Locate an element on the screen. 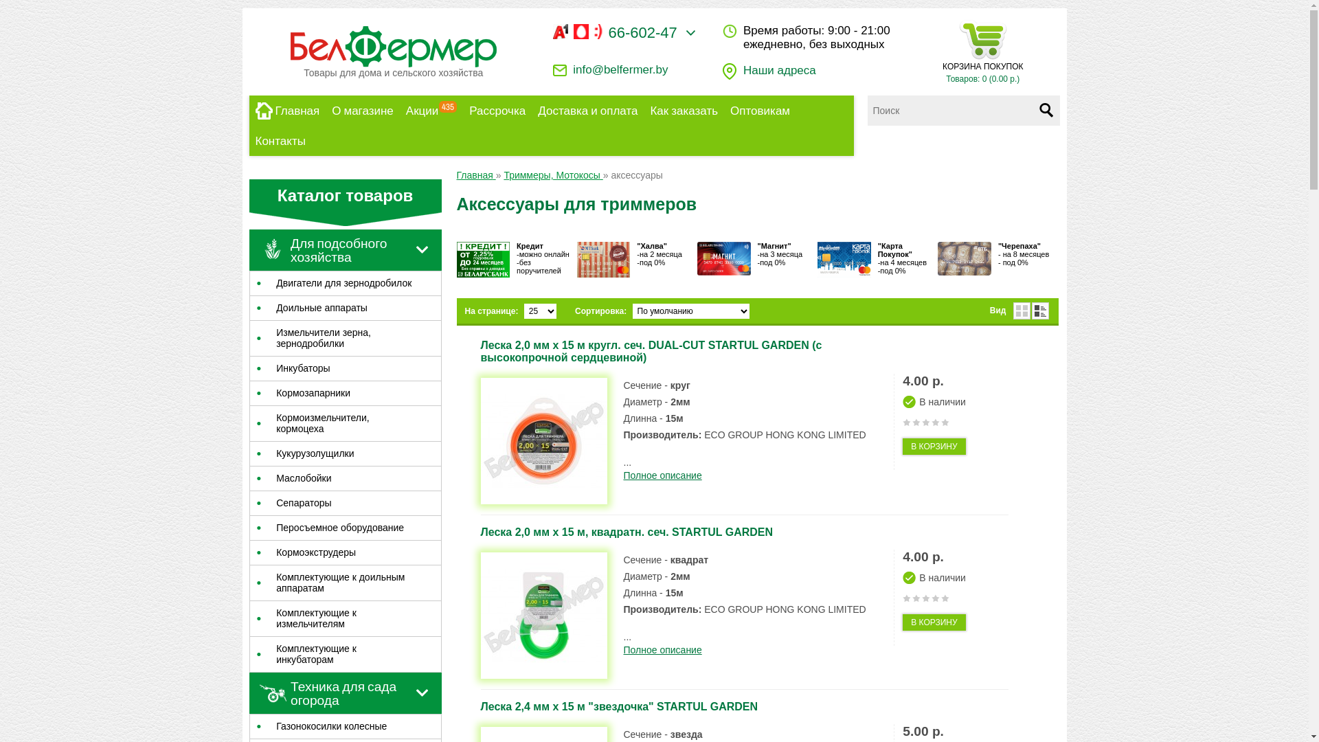  'info@belfermer.by' is located at coordinates (619, 69).